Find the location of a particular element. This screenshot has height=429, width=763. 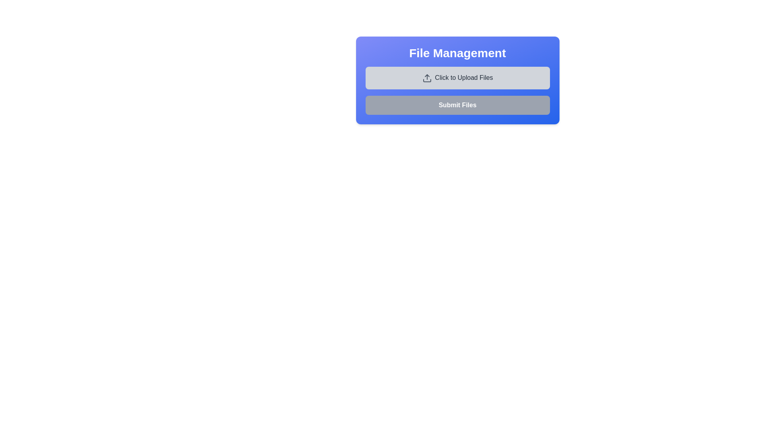

the 'Submit Files' button, which is a rectangular button with a gray background and rounded corners, displaying the text in white, centered in bold font, located in the 'File Management' panel is located at coordinates (457, 104).